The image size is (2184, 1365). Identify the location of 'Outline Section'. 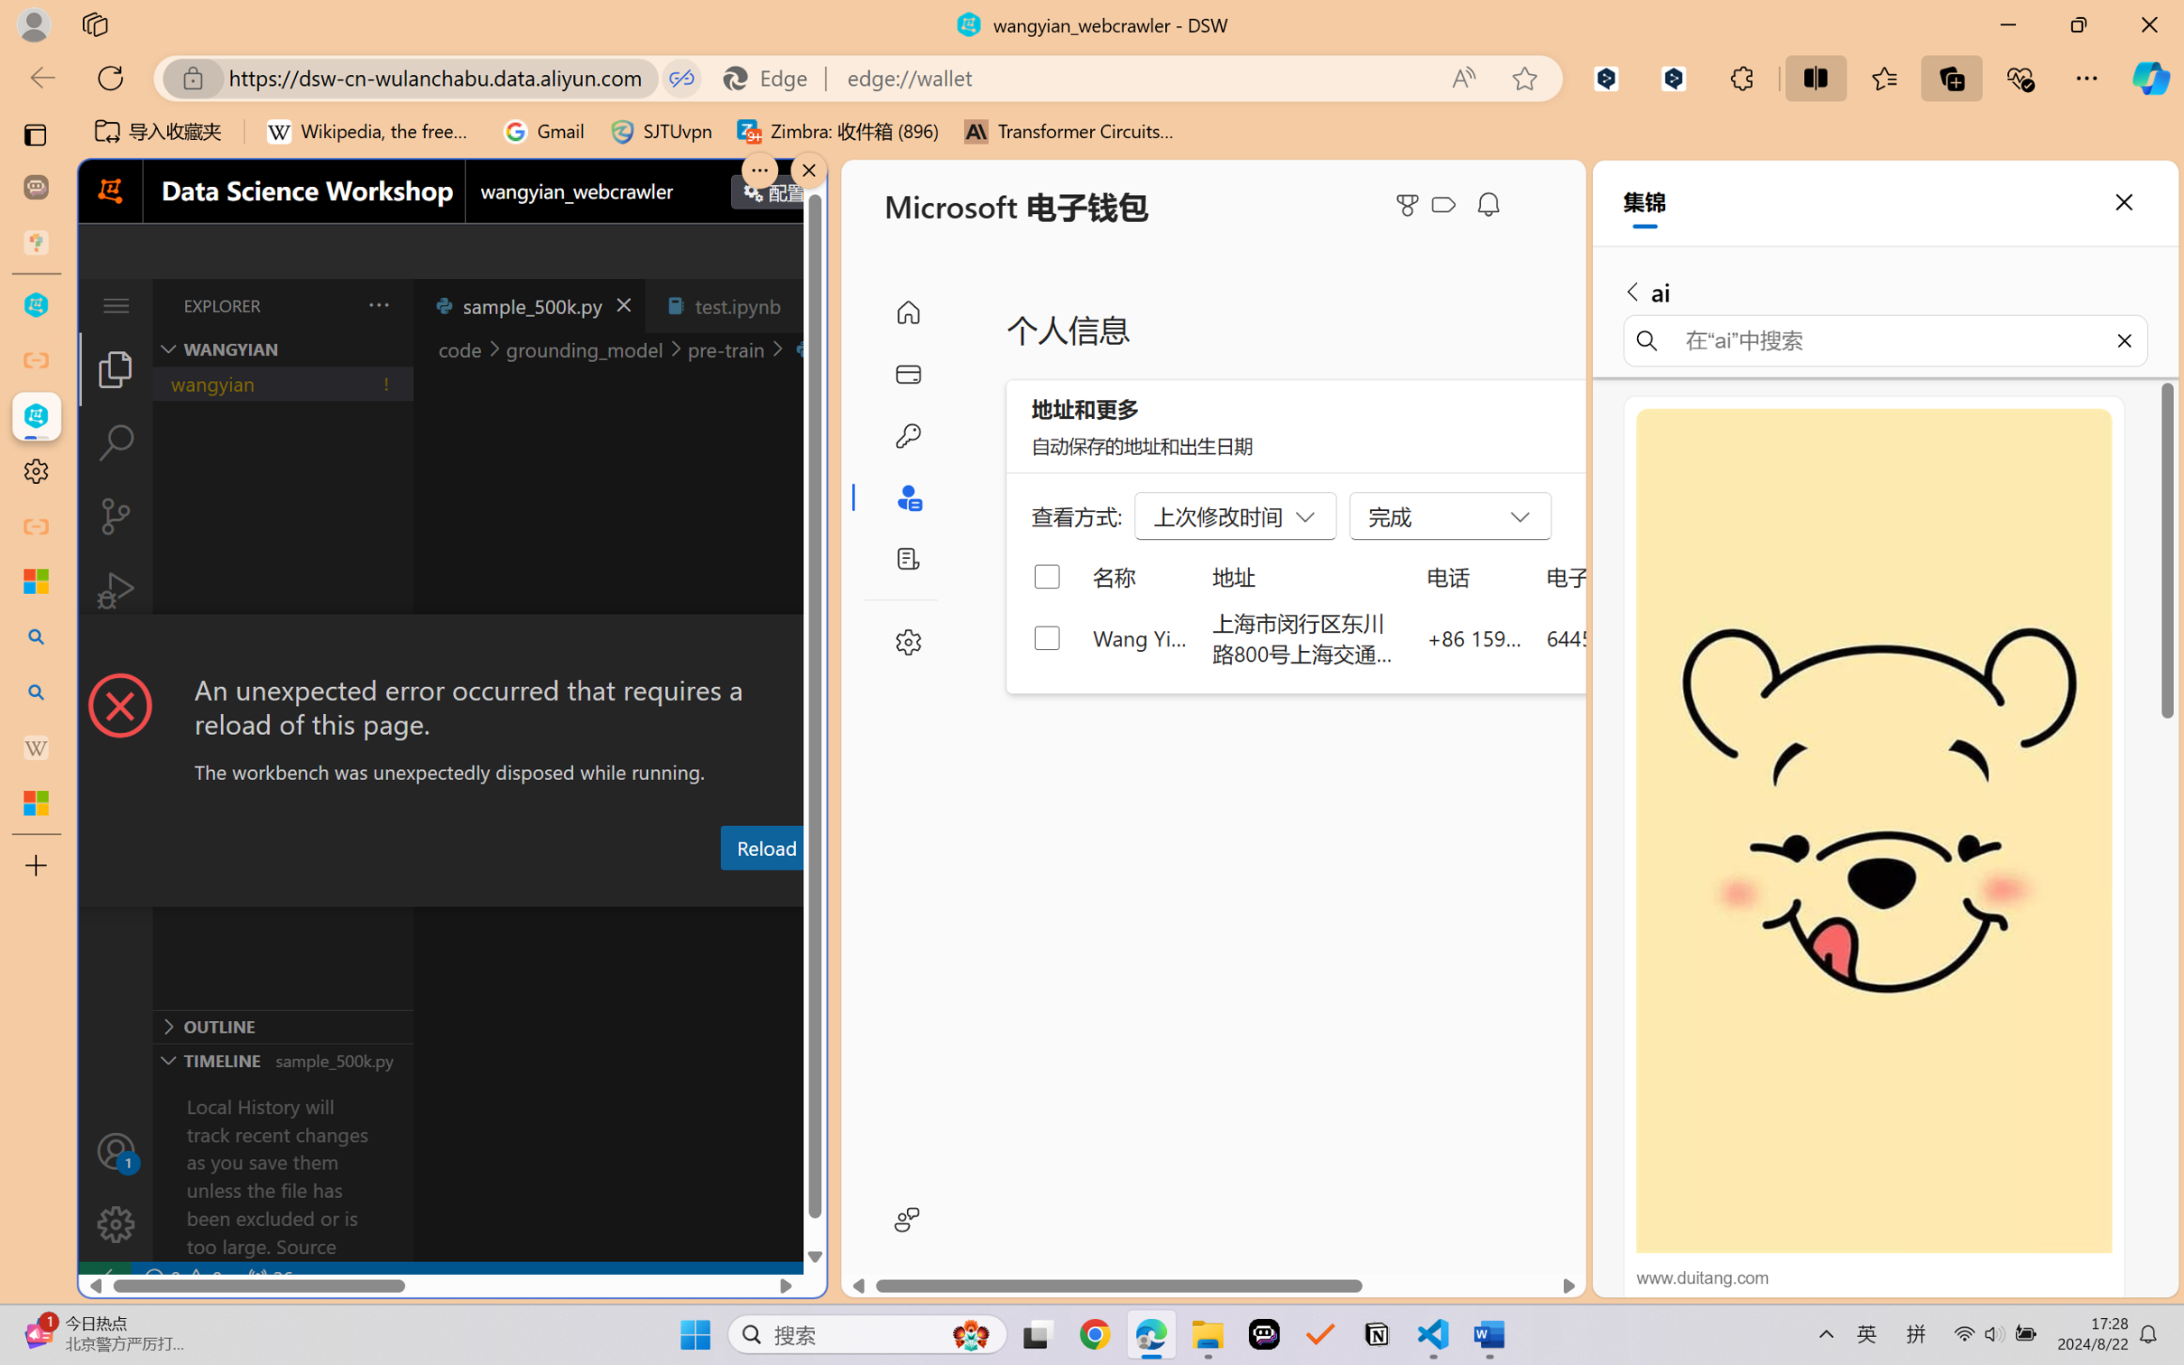
(282, 1025).